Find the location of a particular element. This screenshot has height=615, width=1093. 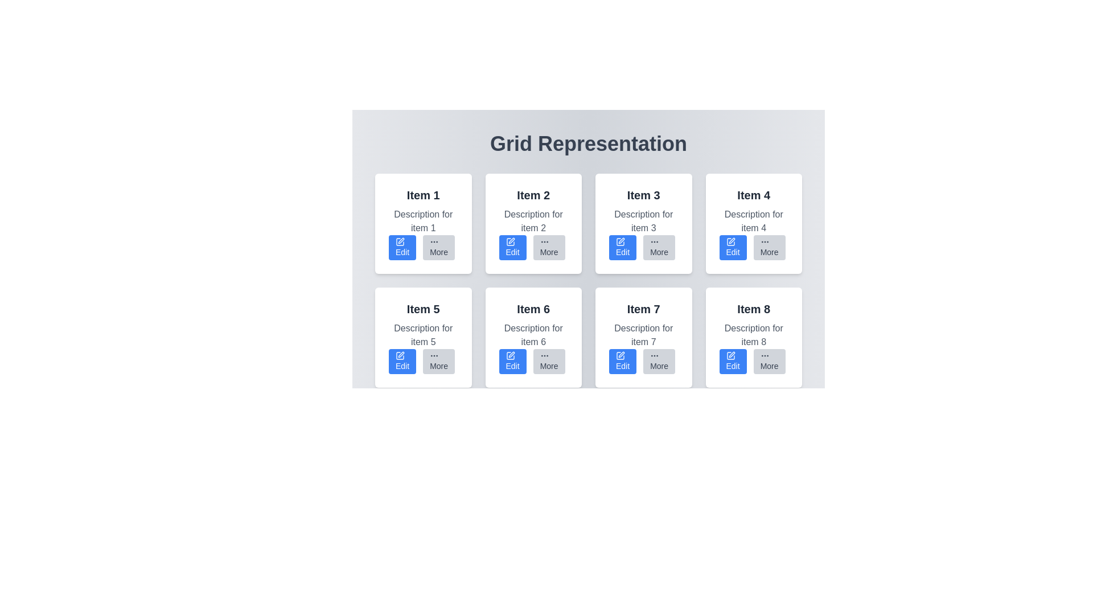

the 'More' button located in the lower-right section of the 'Item 3' card is located at coordinates (643, 247).